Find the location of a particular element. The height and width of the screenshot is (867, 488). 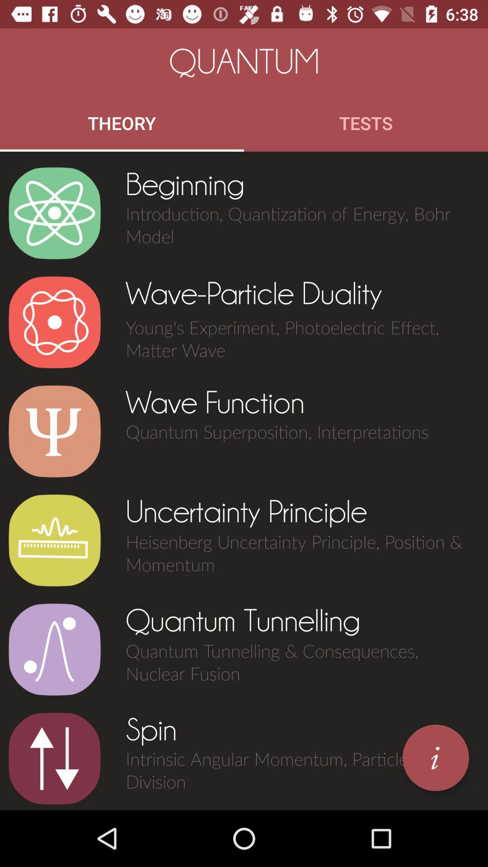

item to the right of the spin icon is located at coordinates (435, 758).